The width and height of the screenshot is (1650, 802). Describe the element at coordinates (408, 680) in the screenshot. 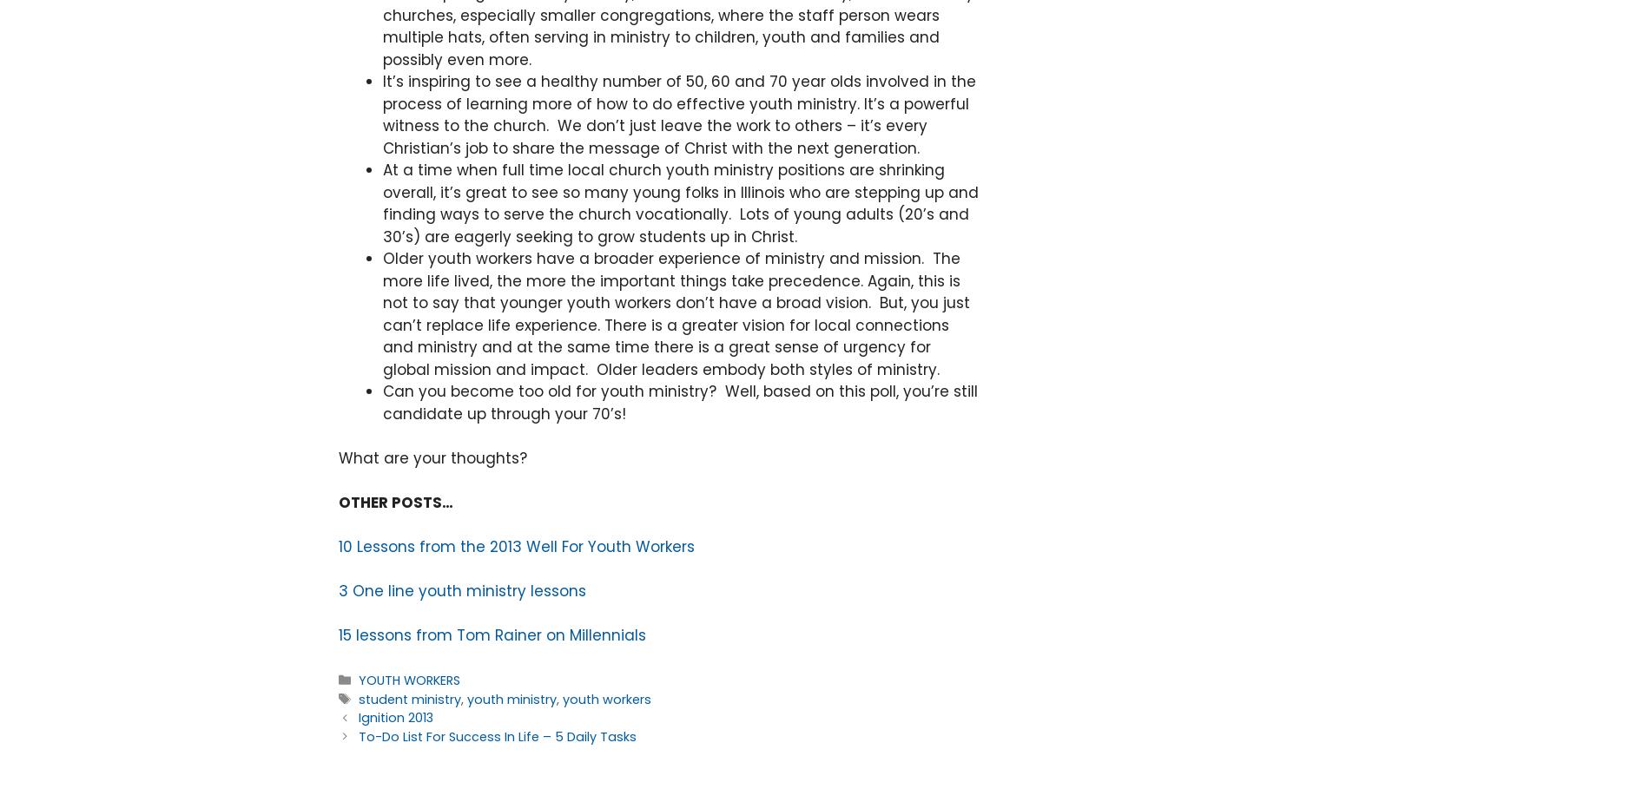

I see `'YOUTH WORKERS'` at that location.